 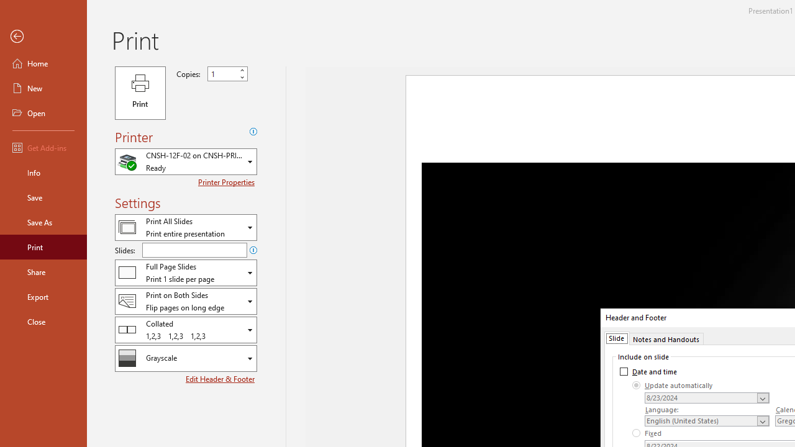 What do you see at coordinates (672, 385) in the screenshot?
I see `'Update automatically'` at bounding box center [672, 385].